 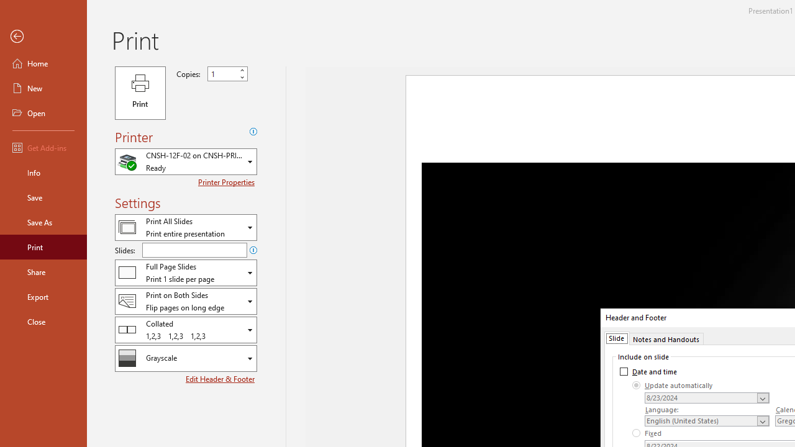 What do you see at coordinates (672, 385) in the screenshot?
I see `'Update automatically'` at bounding box center [672, 385].